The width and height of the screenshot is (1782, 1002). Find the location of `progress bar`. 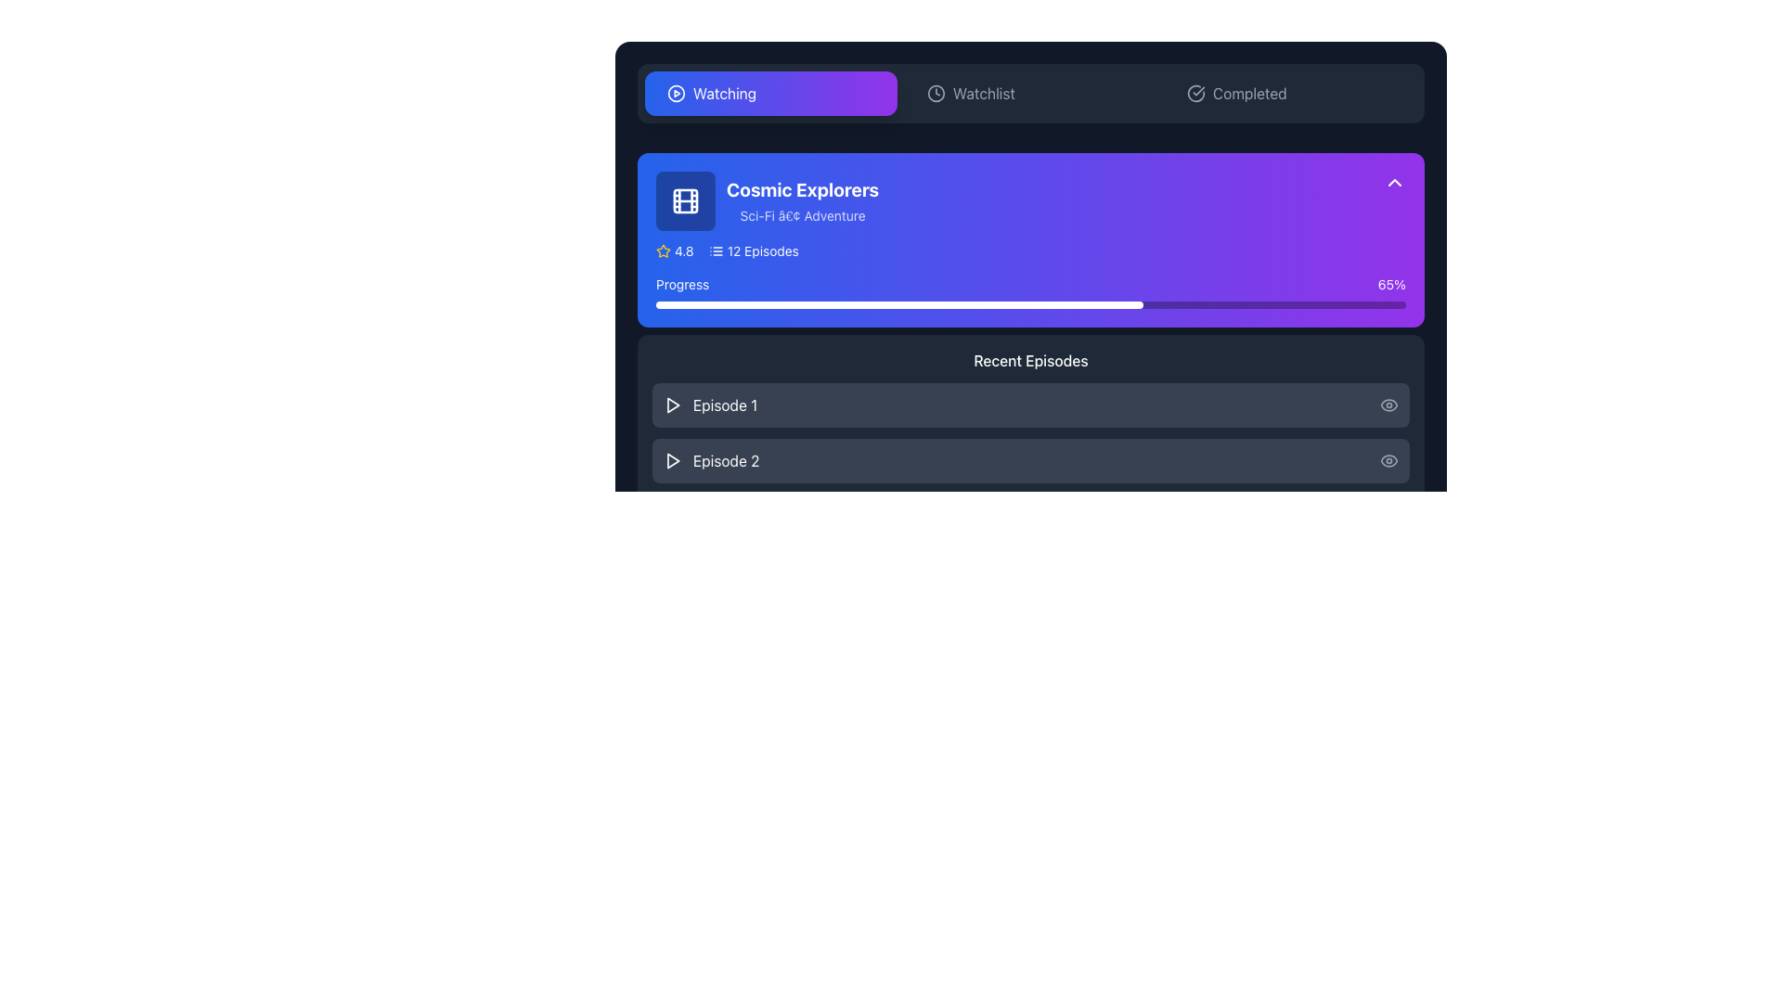

progress bar is located at coordinates (820, 303).